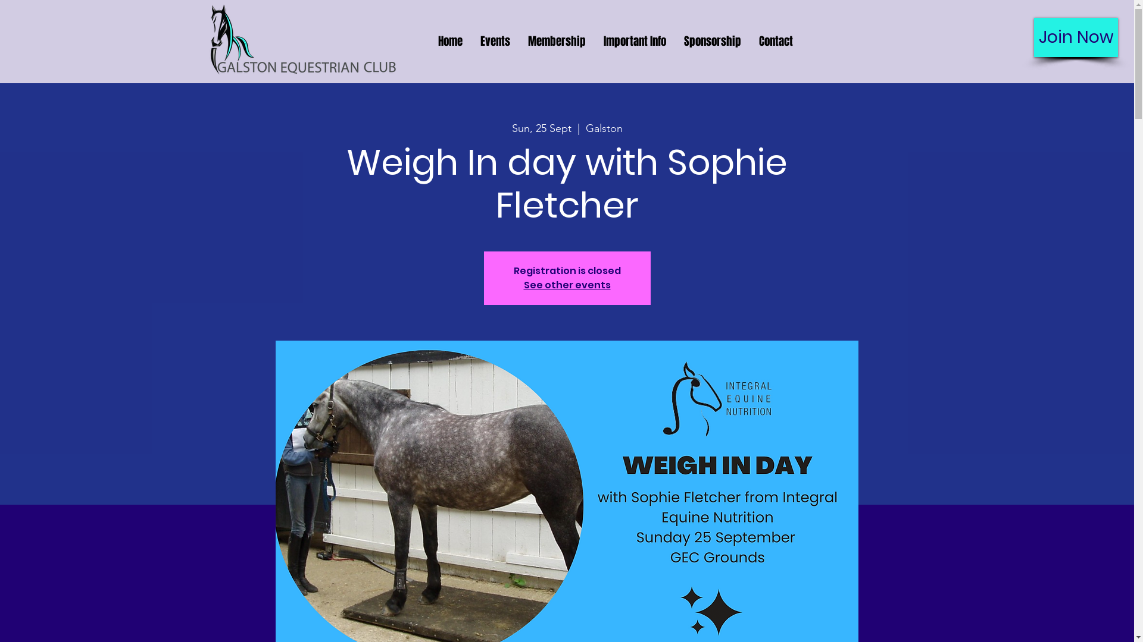  What do you see at coordinates (495, 40) in the screenshot?
I see `'Events'` at bounding box center [495, 40].